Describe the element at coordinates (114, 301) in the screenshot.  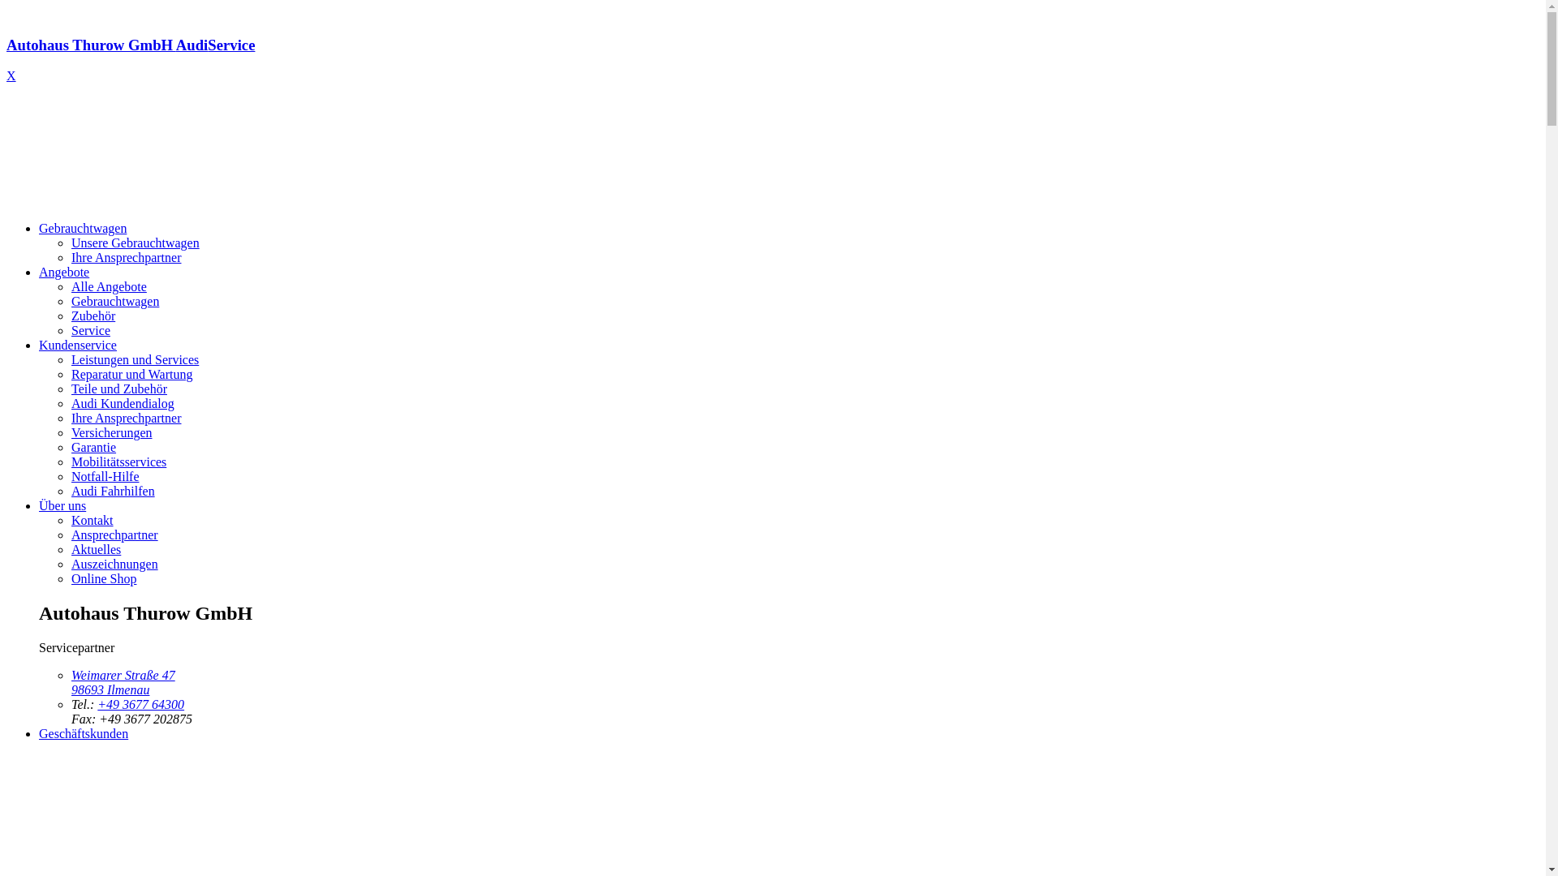
I see `'Gebrauchtwagen'` at that location.